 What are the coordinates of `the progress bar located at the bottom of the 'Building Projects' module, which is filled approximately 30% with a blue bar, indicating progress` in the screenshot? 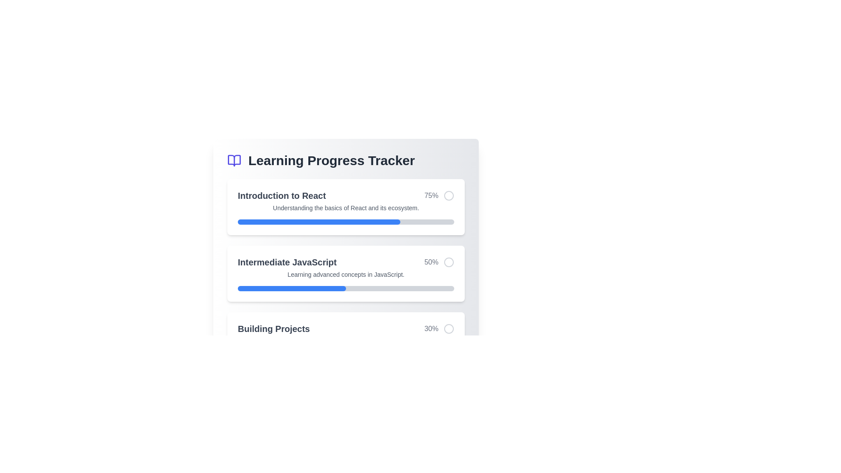 It's located at (346, 355).